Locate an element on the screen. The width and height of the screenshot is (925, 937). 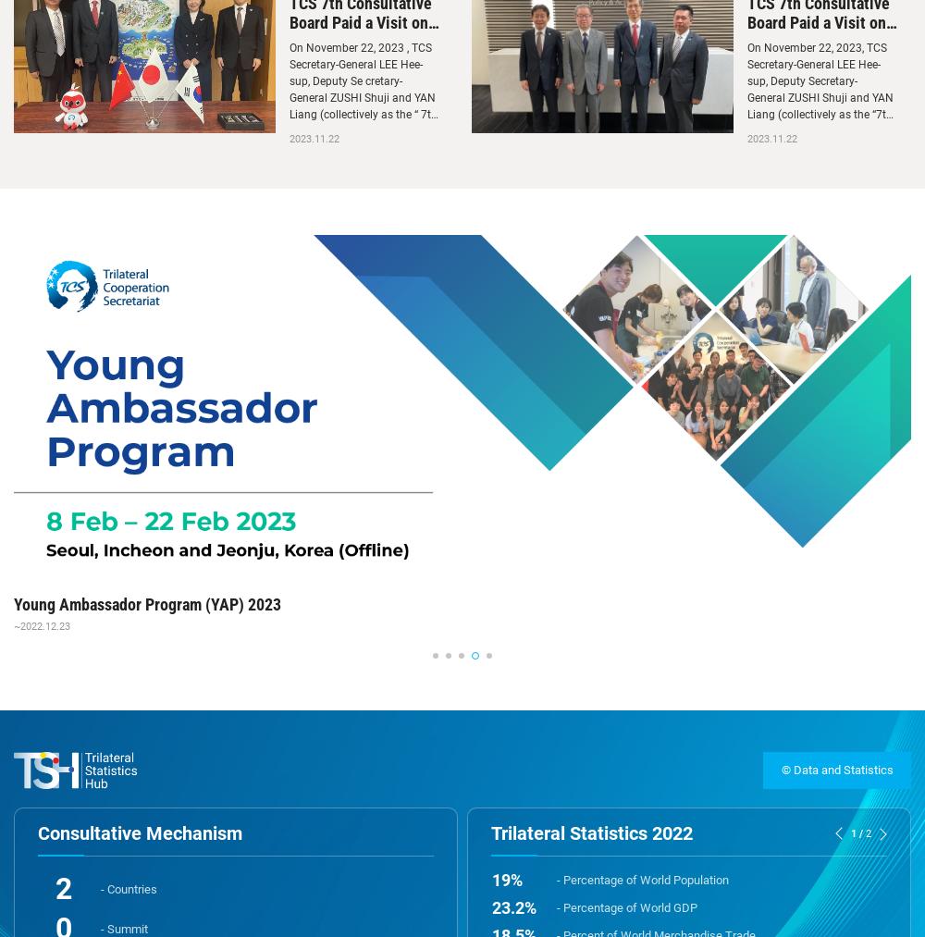
'Thousand, units' is located at coordinates (514, 775).